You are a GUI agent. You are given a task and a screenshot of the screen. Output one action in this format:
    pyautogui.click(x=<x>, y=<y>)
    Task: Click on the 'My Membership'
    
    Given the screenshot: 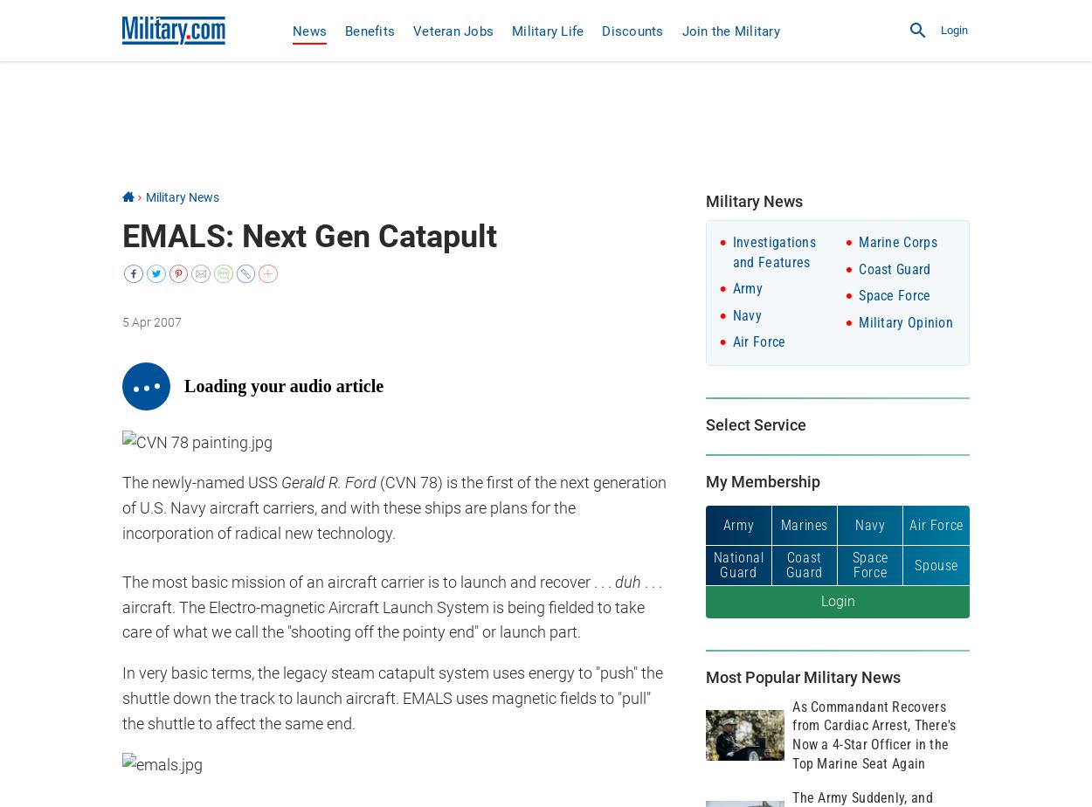 What is the action you would take?
    pyautogui.click(x=762, y=481)
    